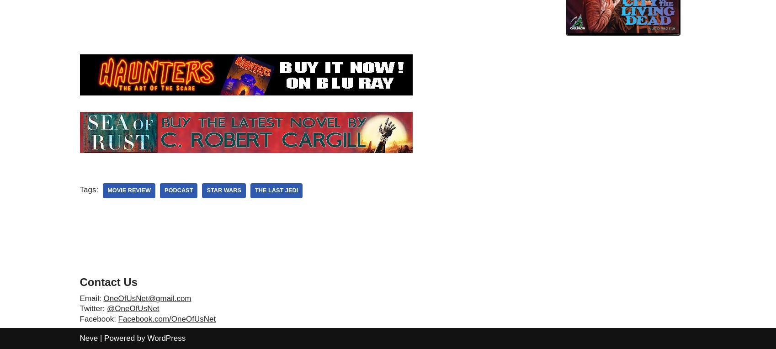 The height and width of the screenshot is (349, 776). Describe the element at coordinates (98, 318) in the screenshot. I see `'Facebook:'` at that location.